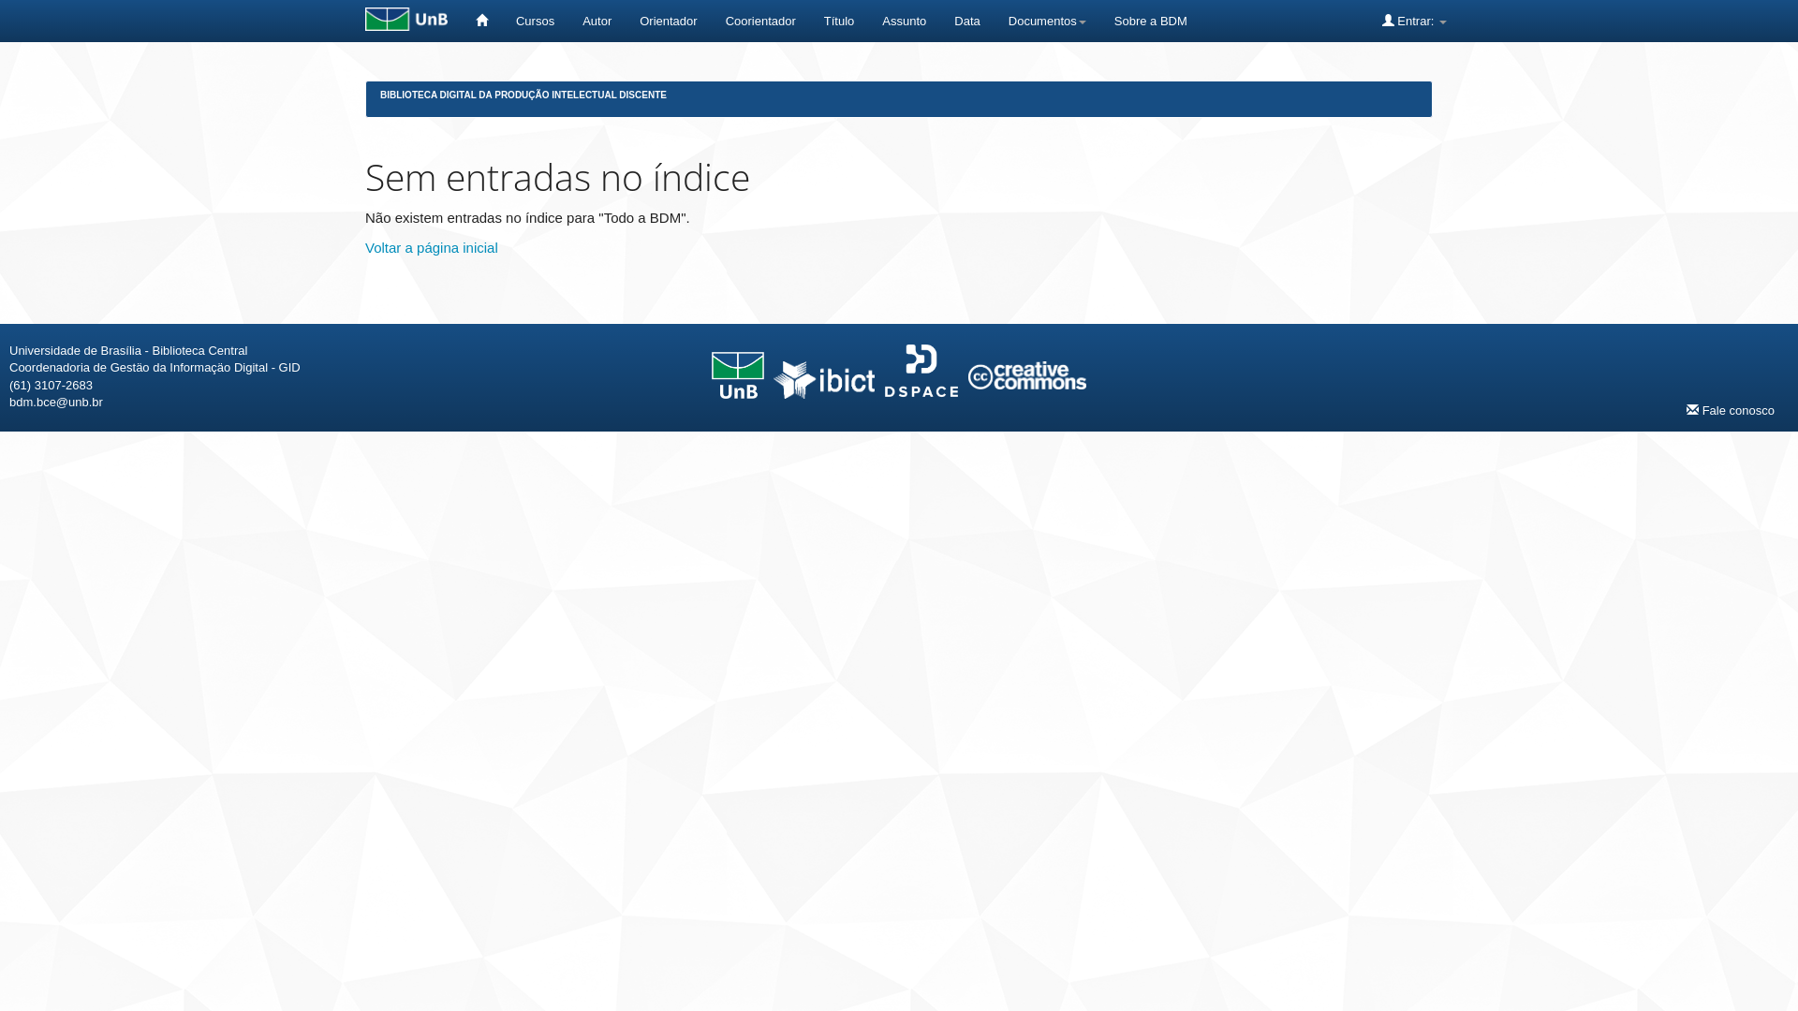 The height and width of the screenshot is (1011, 1798). I want to click on 'Cursos', so click(534, 21).